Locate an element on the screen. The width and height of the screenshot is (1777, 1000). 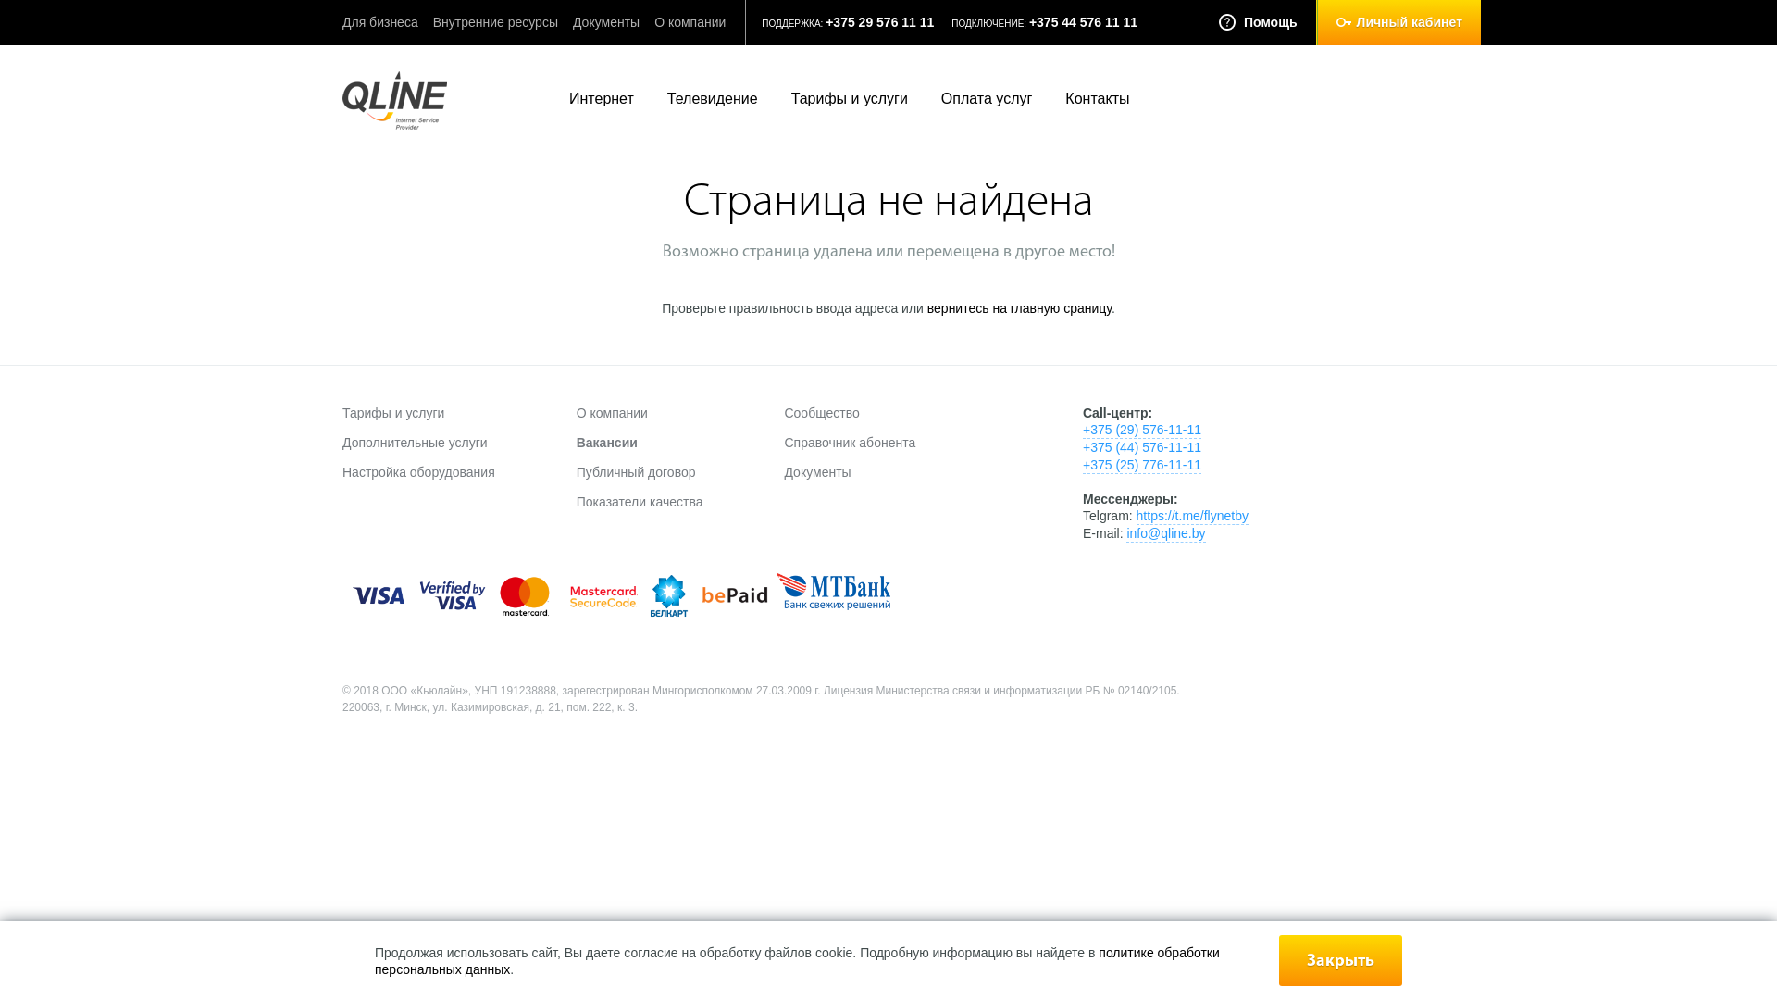
'+375 (25) 776-11-11' is located at coordinates (1140, 464).